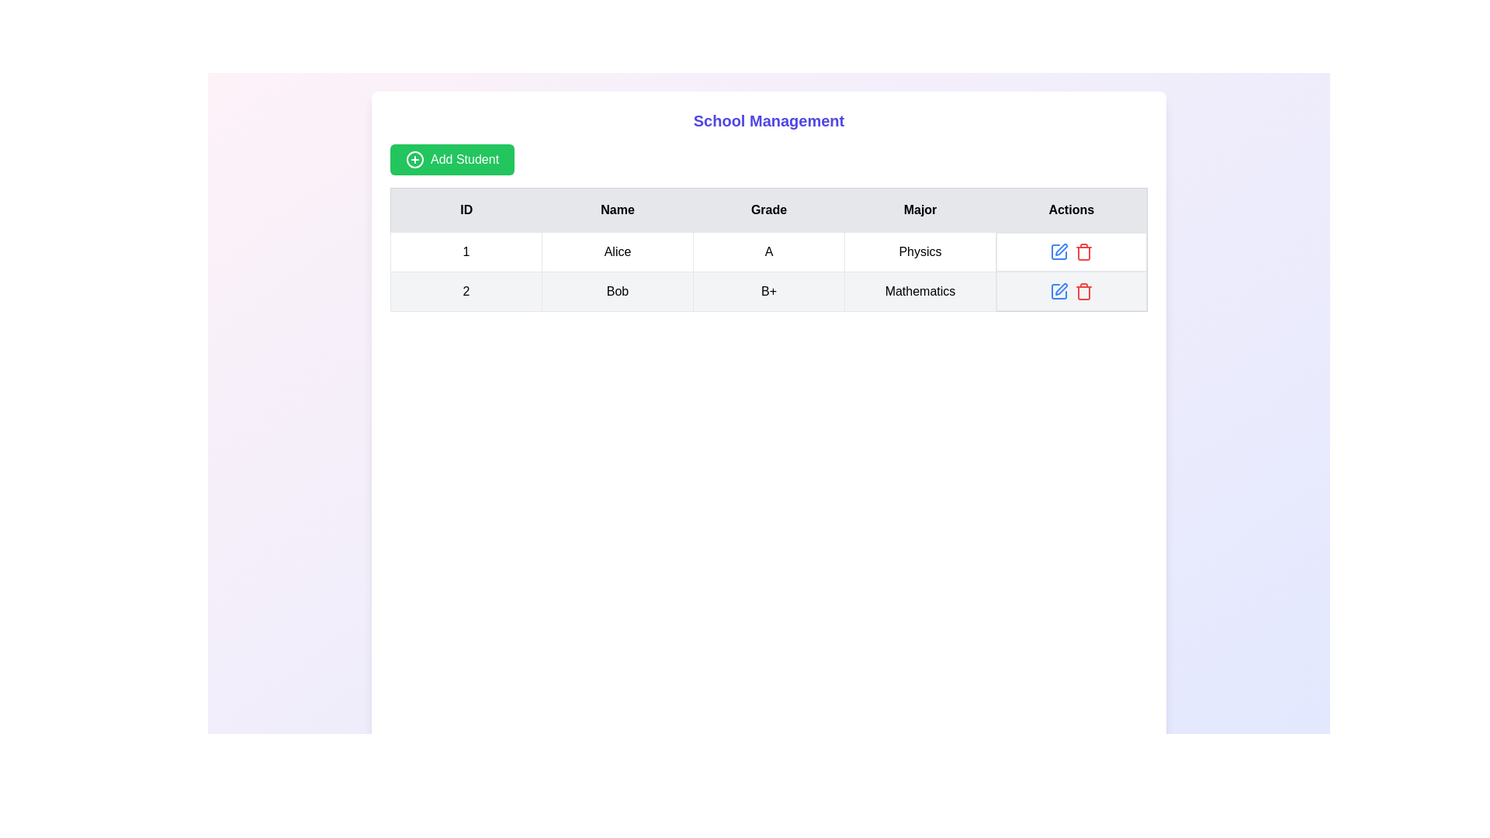  Describe the element at coordinates (1083, 251) in the screenshot. I see `the red trash can icon in the 'Actions' column` at that location.